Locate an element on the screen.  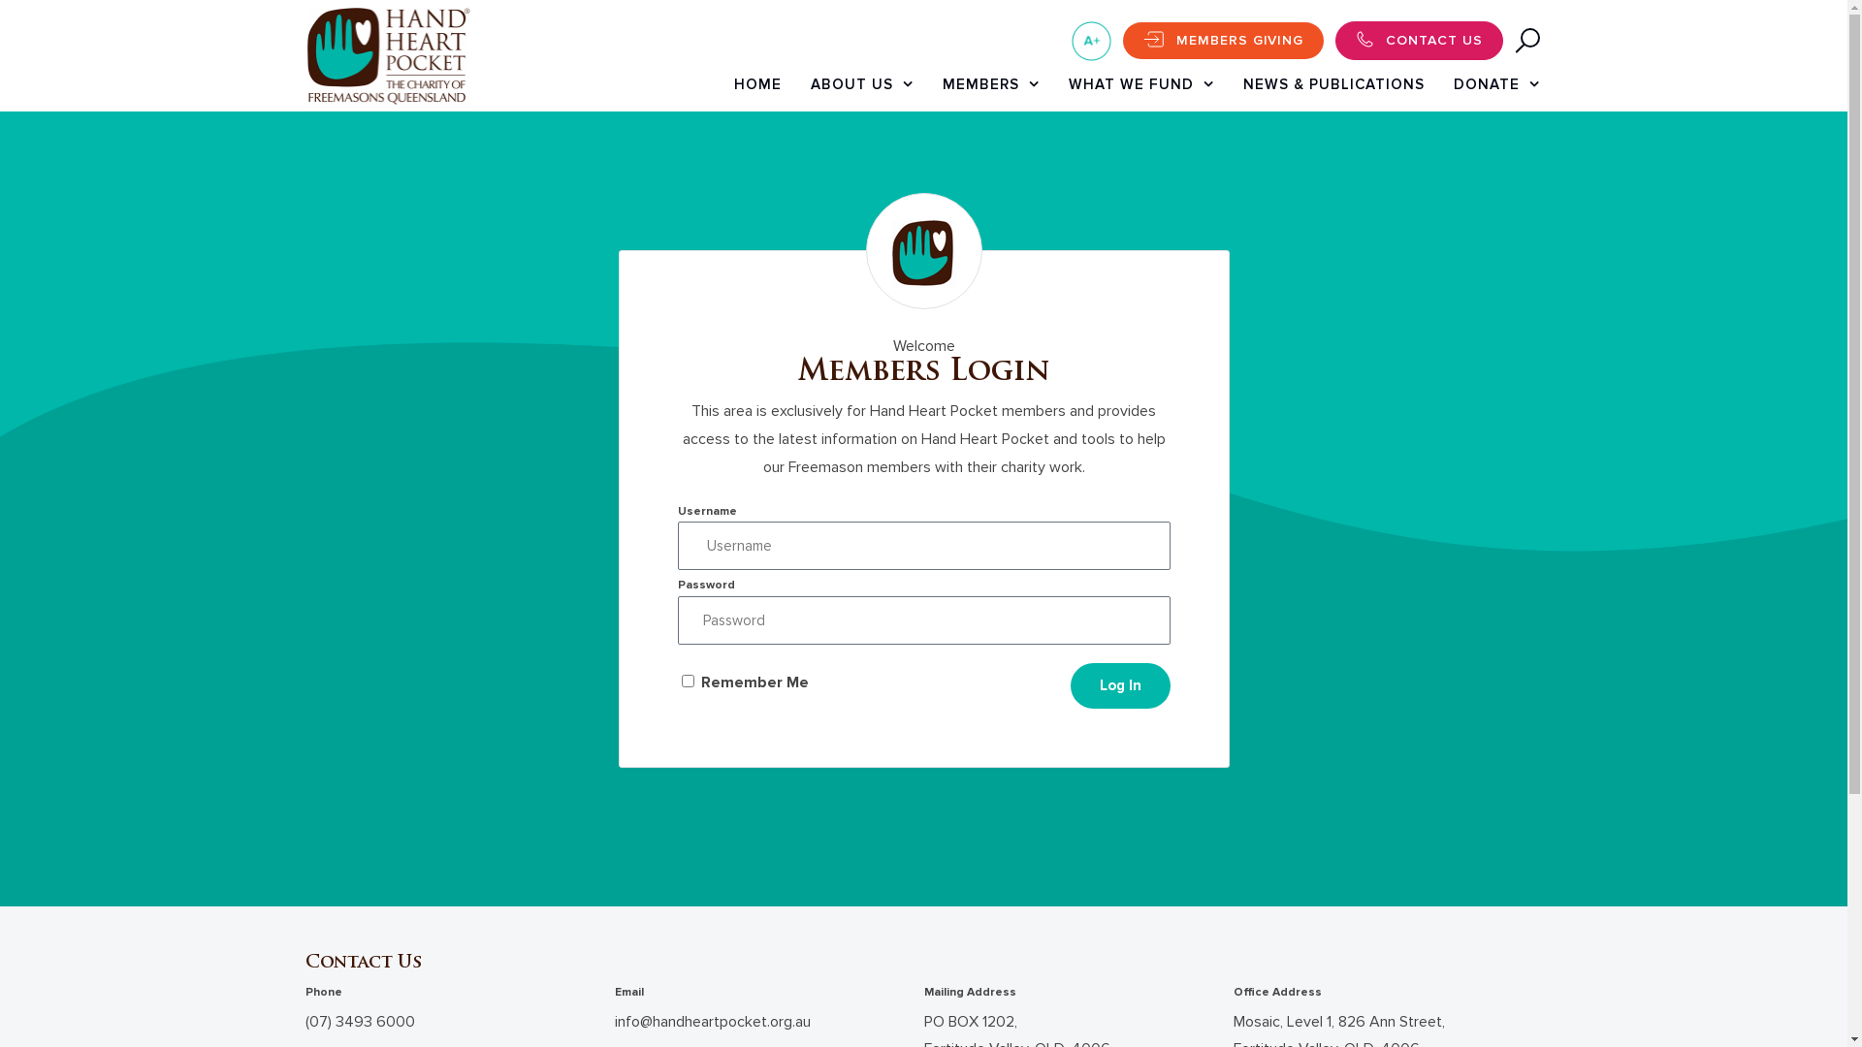
'info@handheartpocket.org.au' is located at coordinates (711, 1020).